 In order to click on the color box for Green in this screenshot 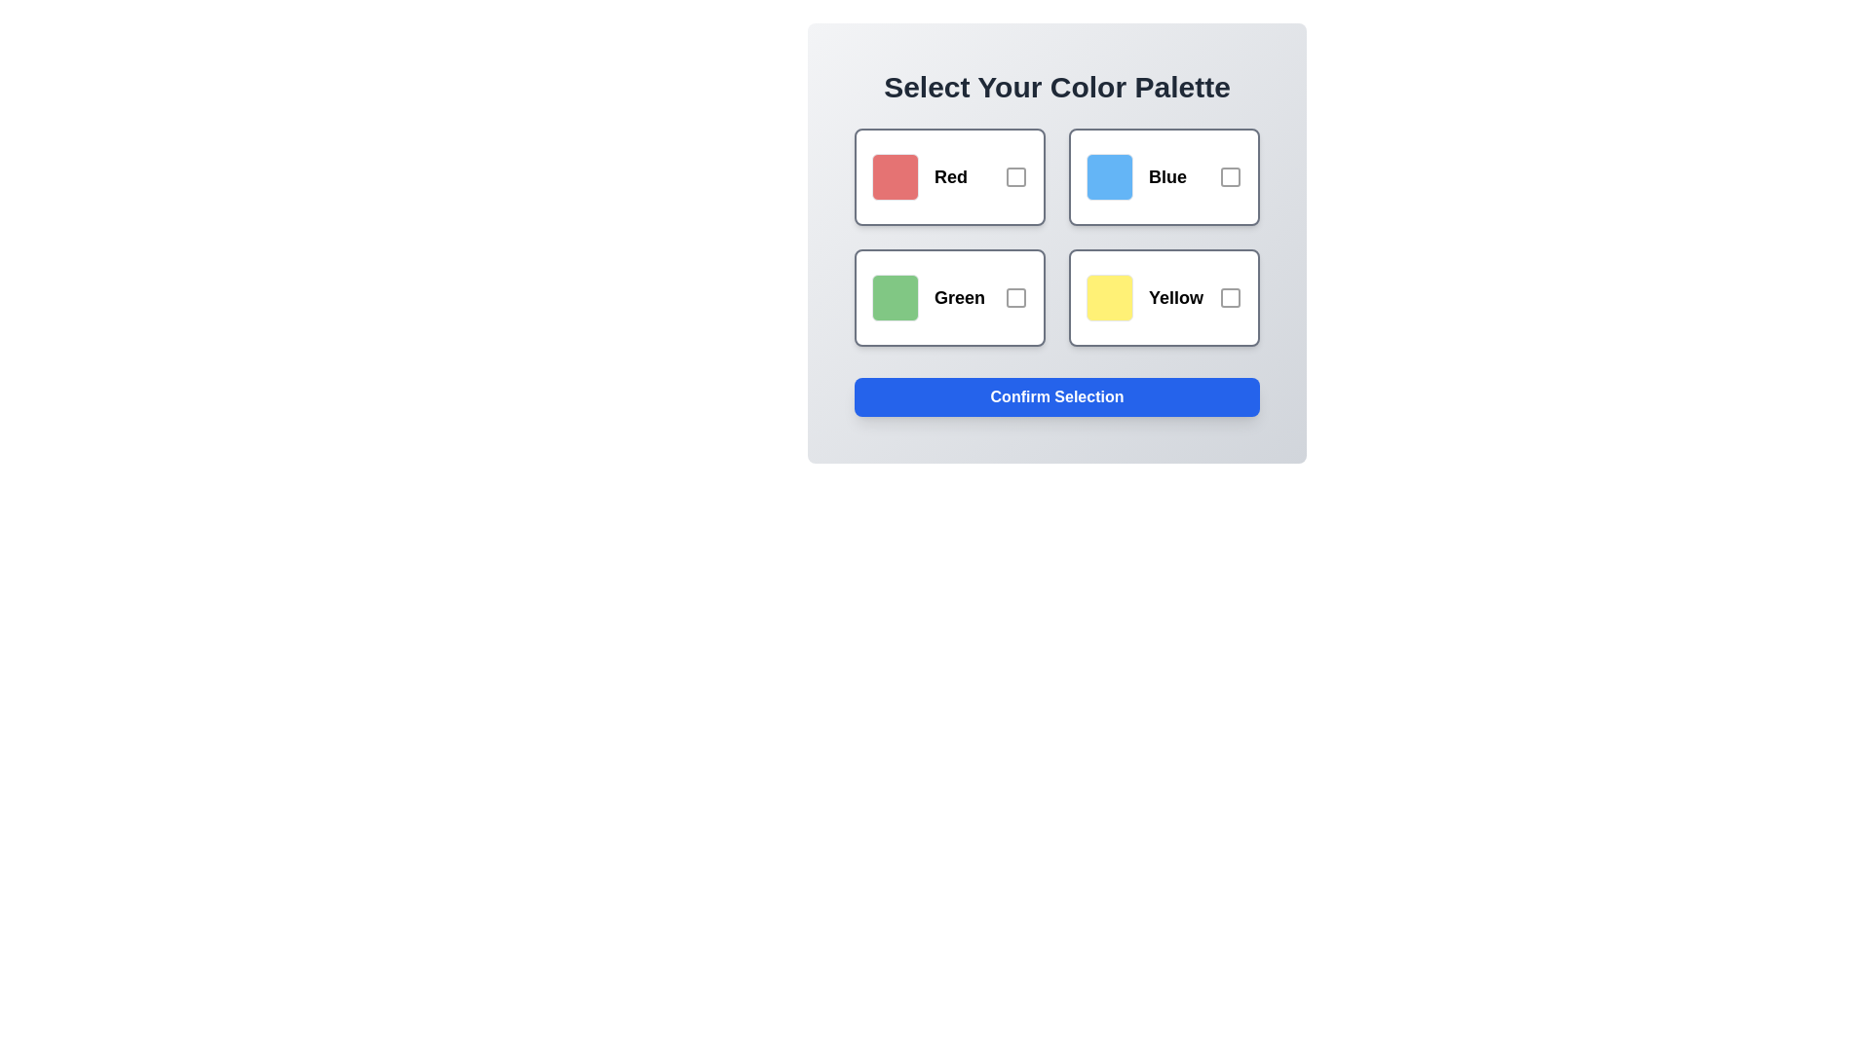, I will do `click(949, 297)`.